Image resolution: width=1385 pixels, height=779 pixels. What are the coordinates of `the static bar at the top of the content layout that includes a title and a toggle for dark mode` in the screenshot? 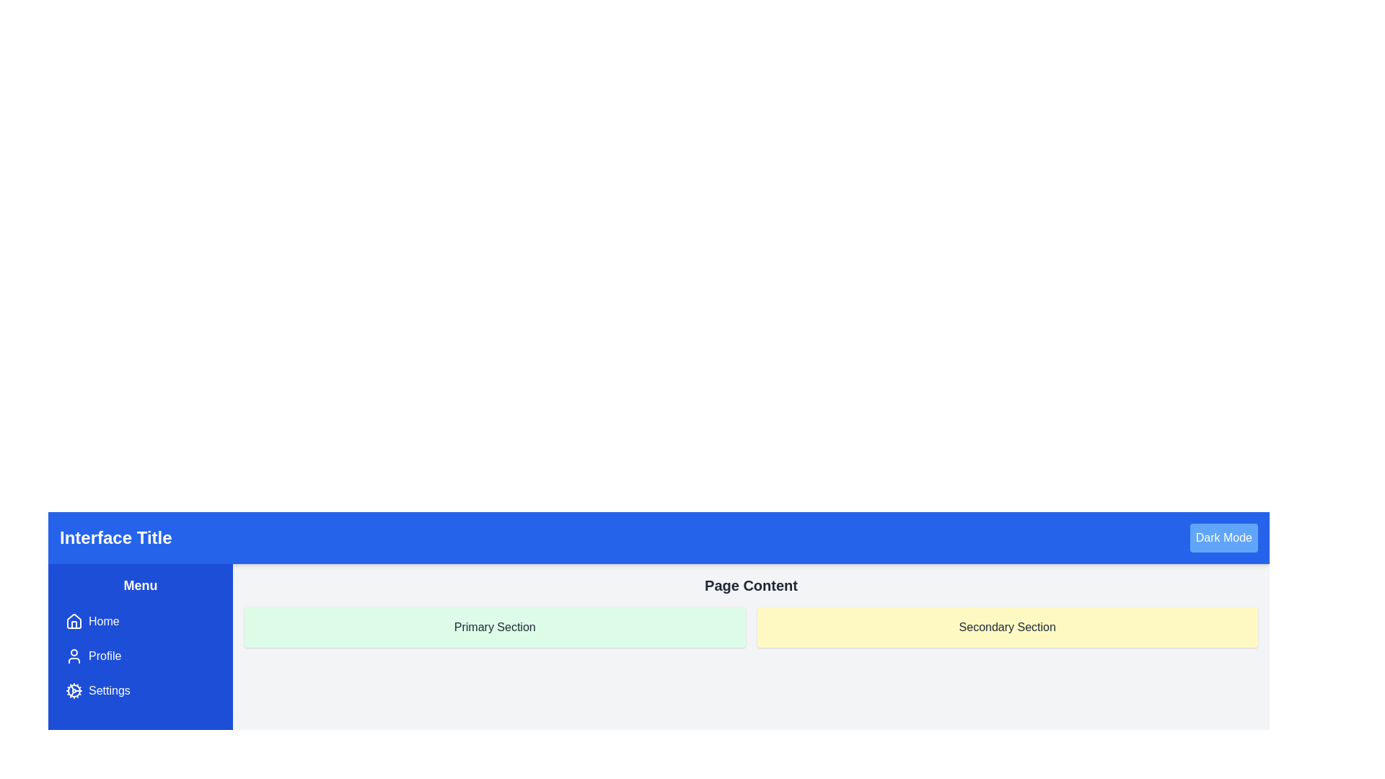 It's located at (658, 537).